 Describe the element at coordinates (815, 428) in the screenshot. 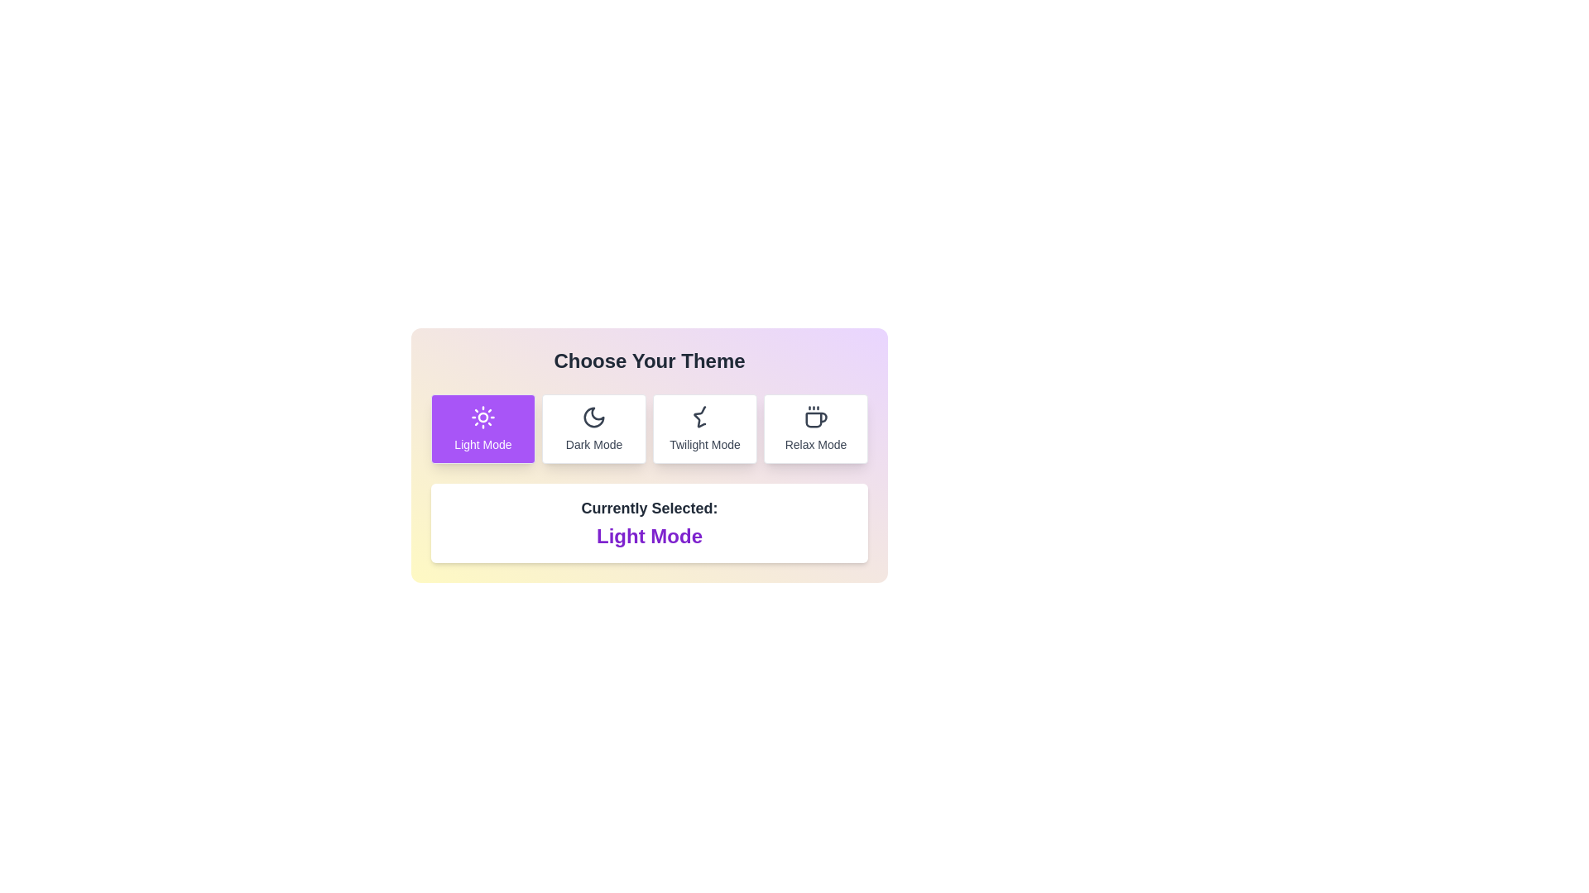

I see `the theme Relax Mode by clicking on the corresponding button` at that location.